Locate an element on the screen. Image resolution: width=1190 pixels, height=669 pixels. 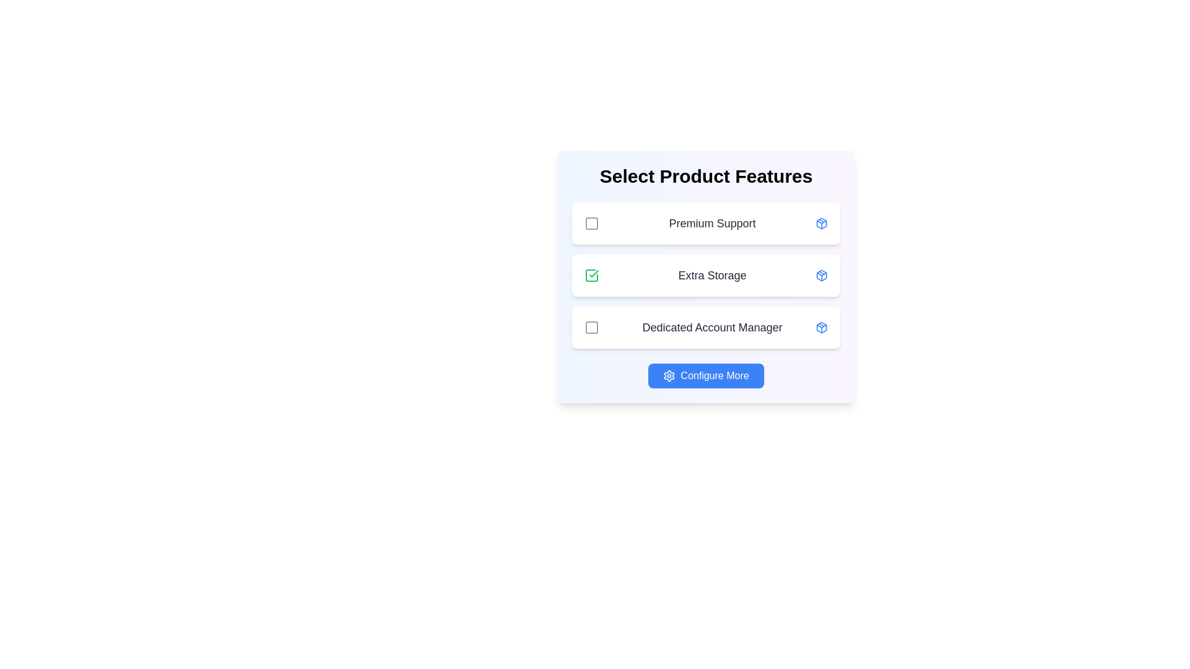
'Configure More' button to proceed is located at coordinates (706, 375).